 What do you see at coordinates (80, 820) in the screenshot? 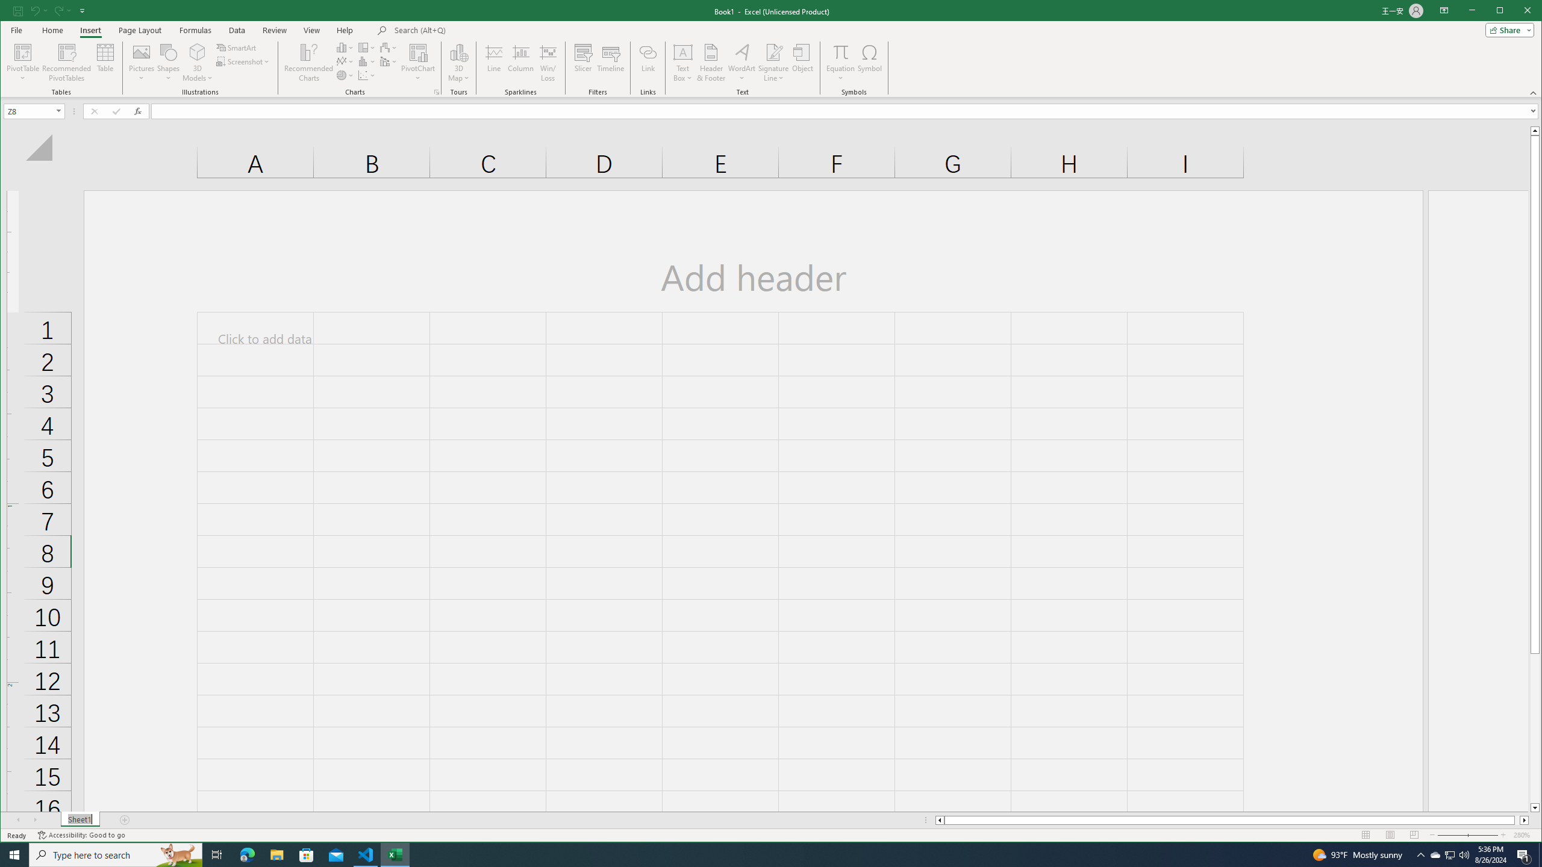
I see `'Sheet Tab'` at bounding box center [80, 820].